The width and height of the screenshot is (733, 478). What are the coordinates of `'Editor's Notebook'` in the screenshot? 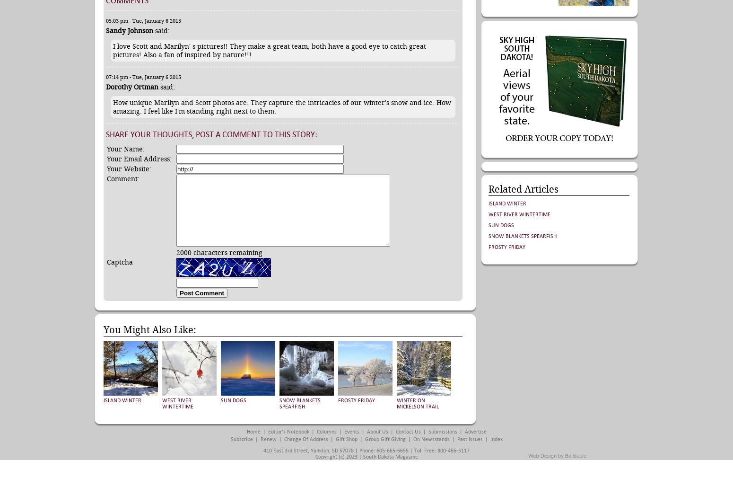 It's located at (268, 432).